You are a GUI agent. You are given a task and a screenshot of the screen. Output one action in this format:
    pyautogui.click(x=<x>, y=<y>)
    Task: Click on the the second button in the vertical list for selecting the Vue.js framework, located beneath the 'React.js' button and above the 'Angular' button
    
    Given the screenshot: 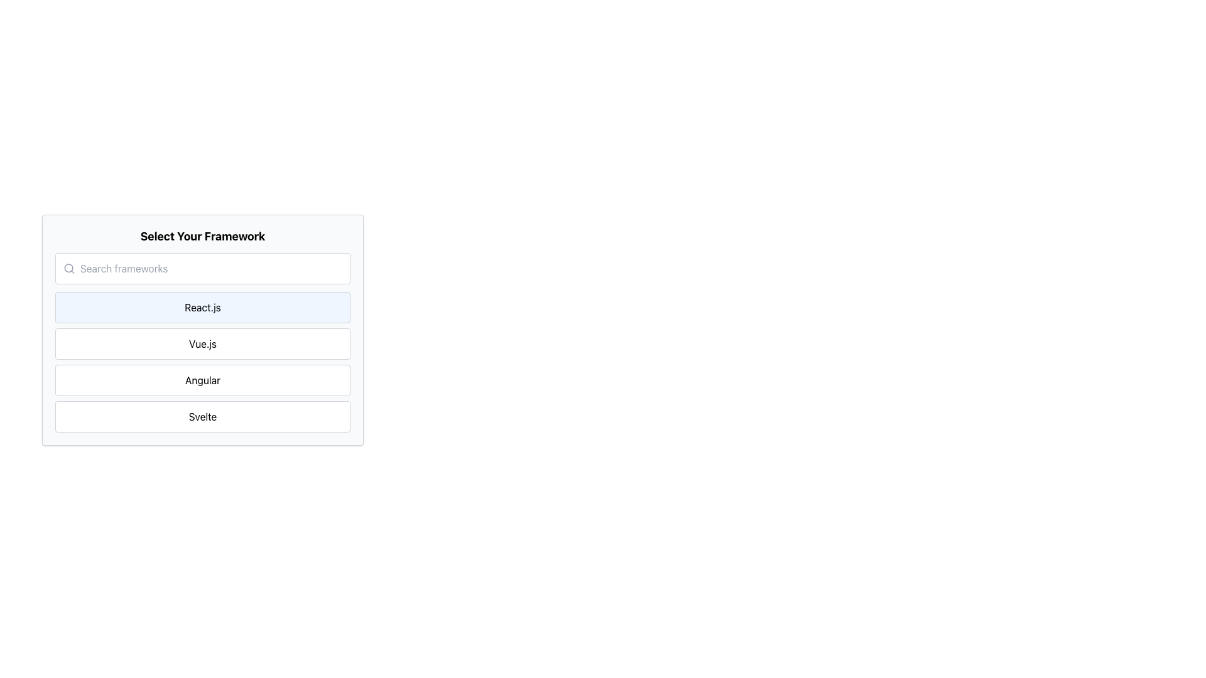 What is the action you would take?
    pyautogui.click(x=202, y=343)
    